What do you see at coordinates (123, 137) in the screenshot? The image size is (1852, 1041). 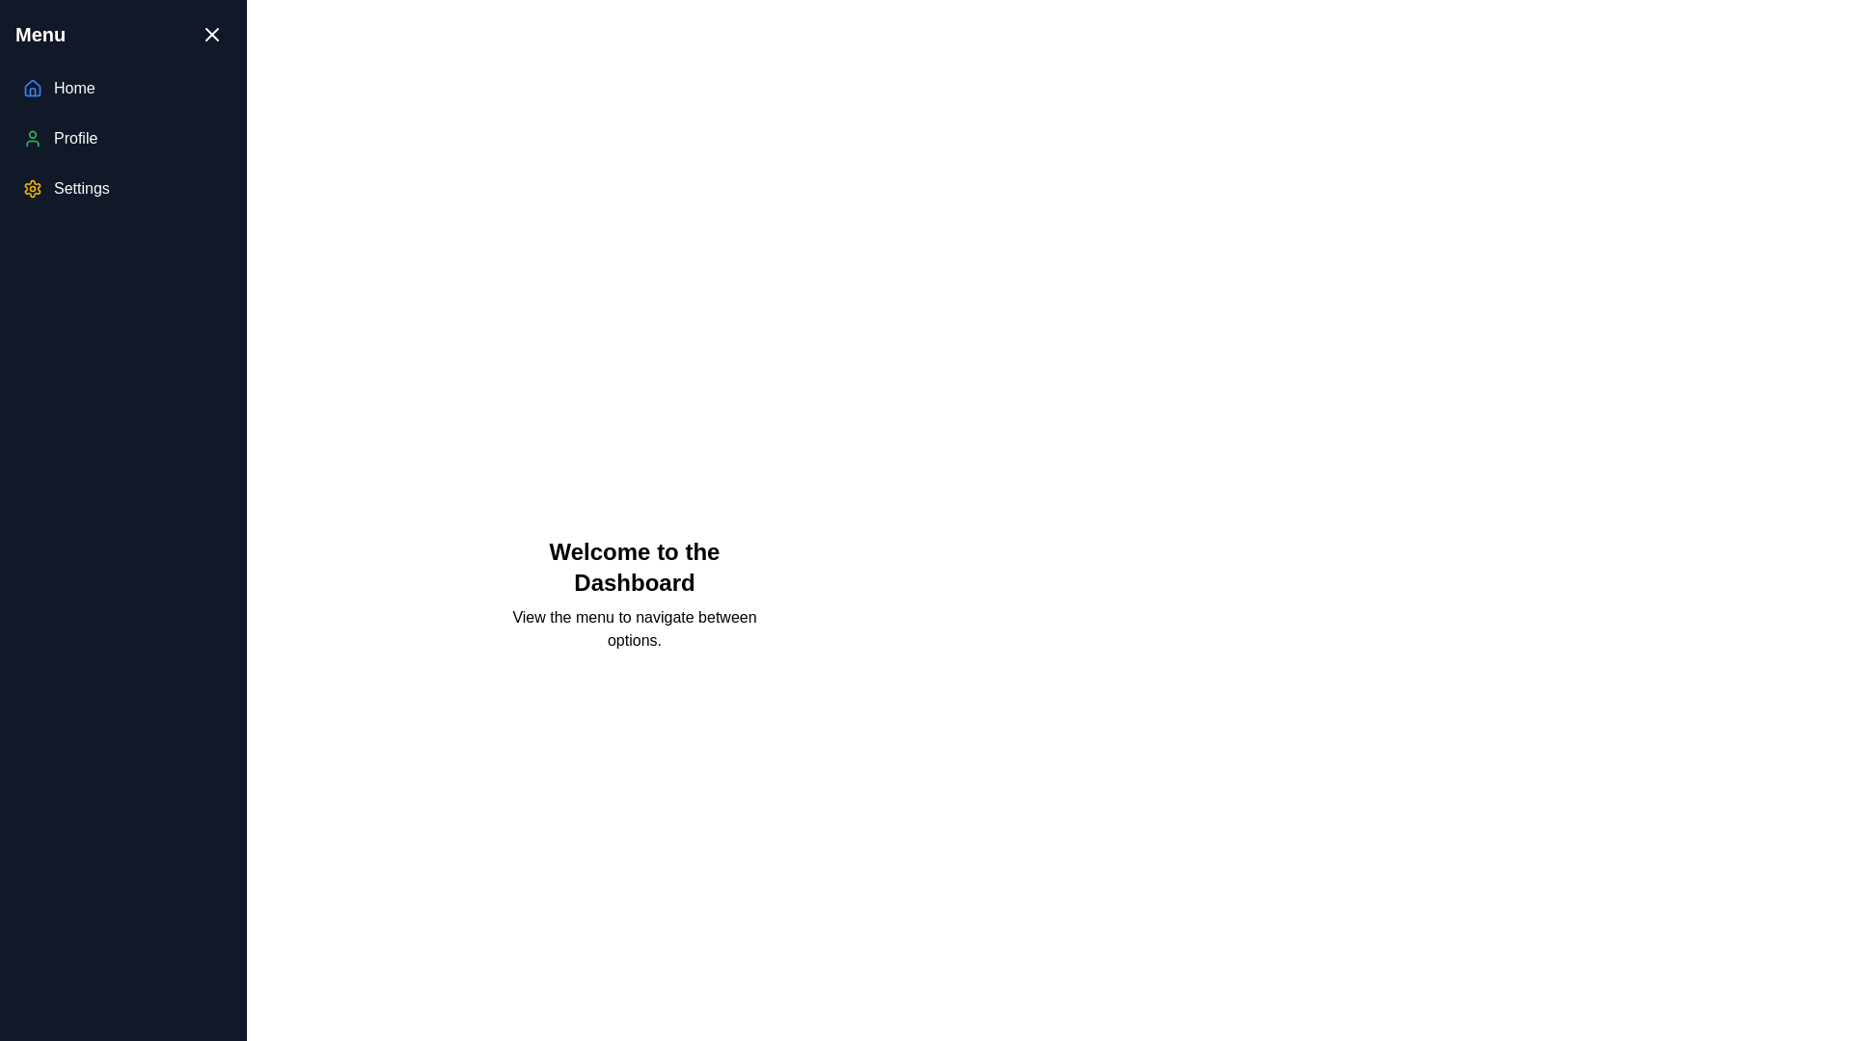 I see `the second menu item in the vertical navigation sidebar` at bounding box center [123, 137].